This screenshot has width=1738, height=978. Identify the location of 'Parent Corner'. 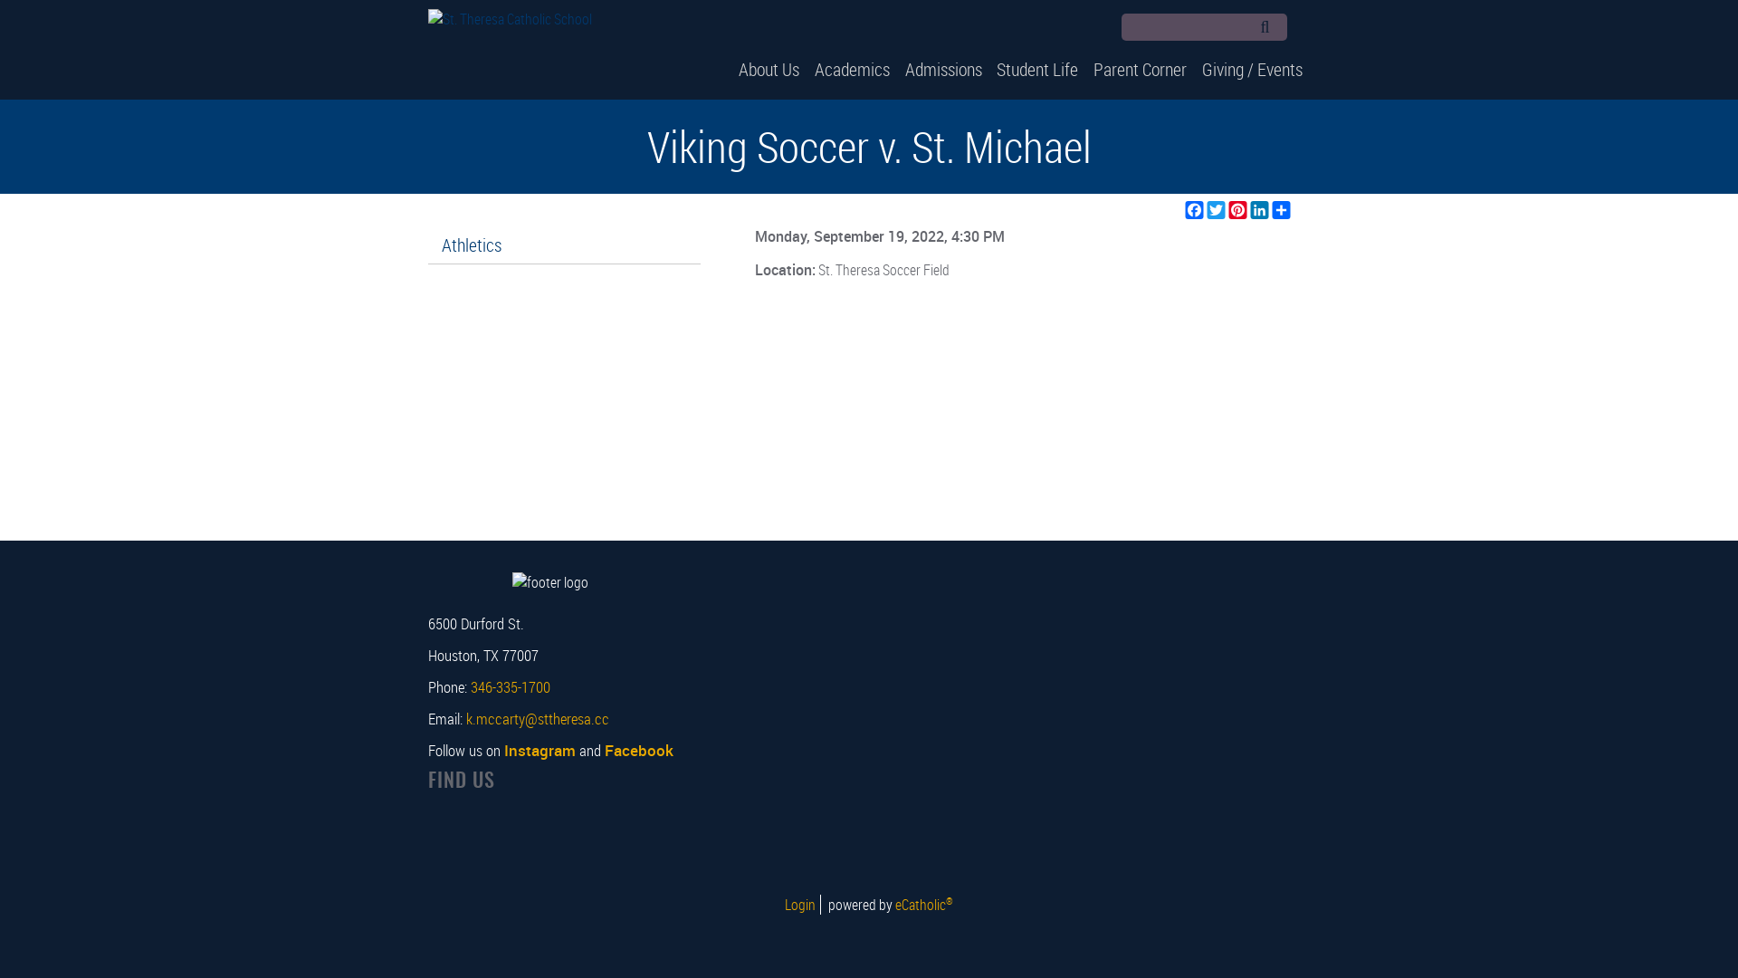
(1139, 68).